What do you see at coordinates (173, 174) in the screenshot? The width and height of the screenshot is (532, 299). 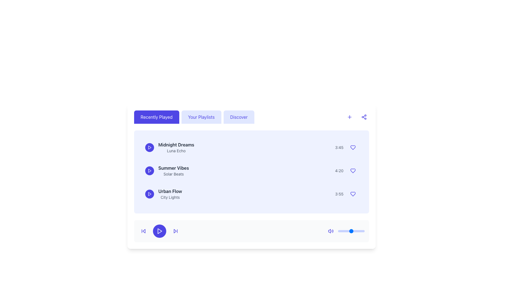 I see `the text label 'Solar Beats', which is styled in a smaller and lighter font, located below the bold 'Summer Vibes' text in the playlist section` at bounding box center [173, 174].